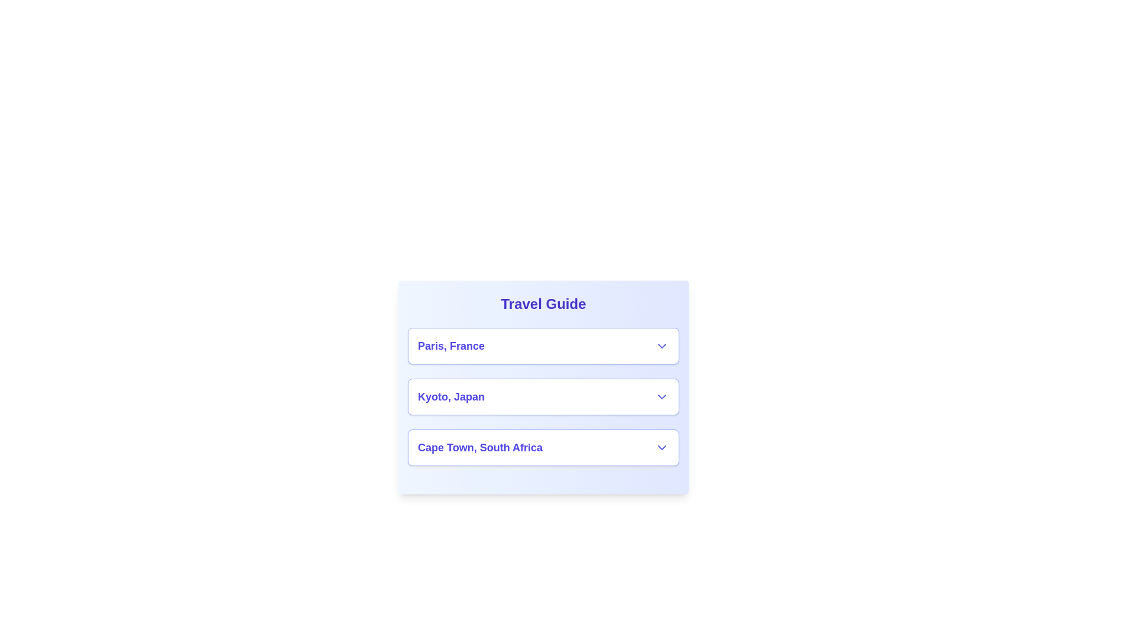  Describe the element at coordinates (661, 346) in the screenshot. I see `the dropdown trigger icon located to the right of the 'Paris, France' text` at that location.